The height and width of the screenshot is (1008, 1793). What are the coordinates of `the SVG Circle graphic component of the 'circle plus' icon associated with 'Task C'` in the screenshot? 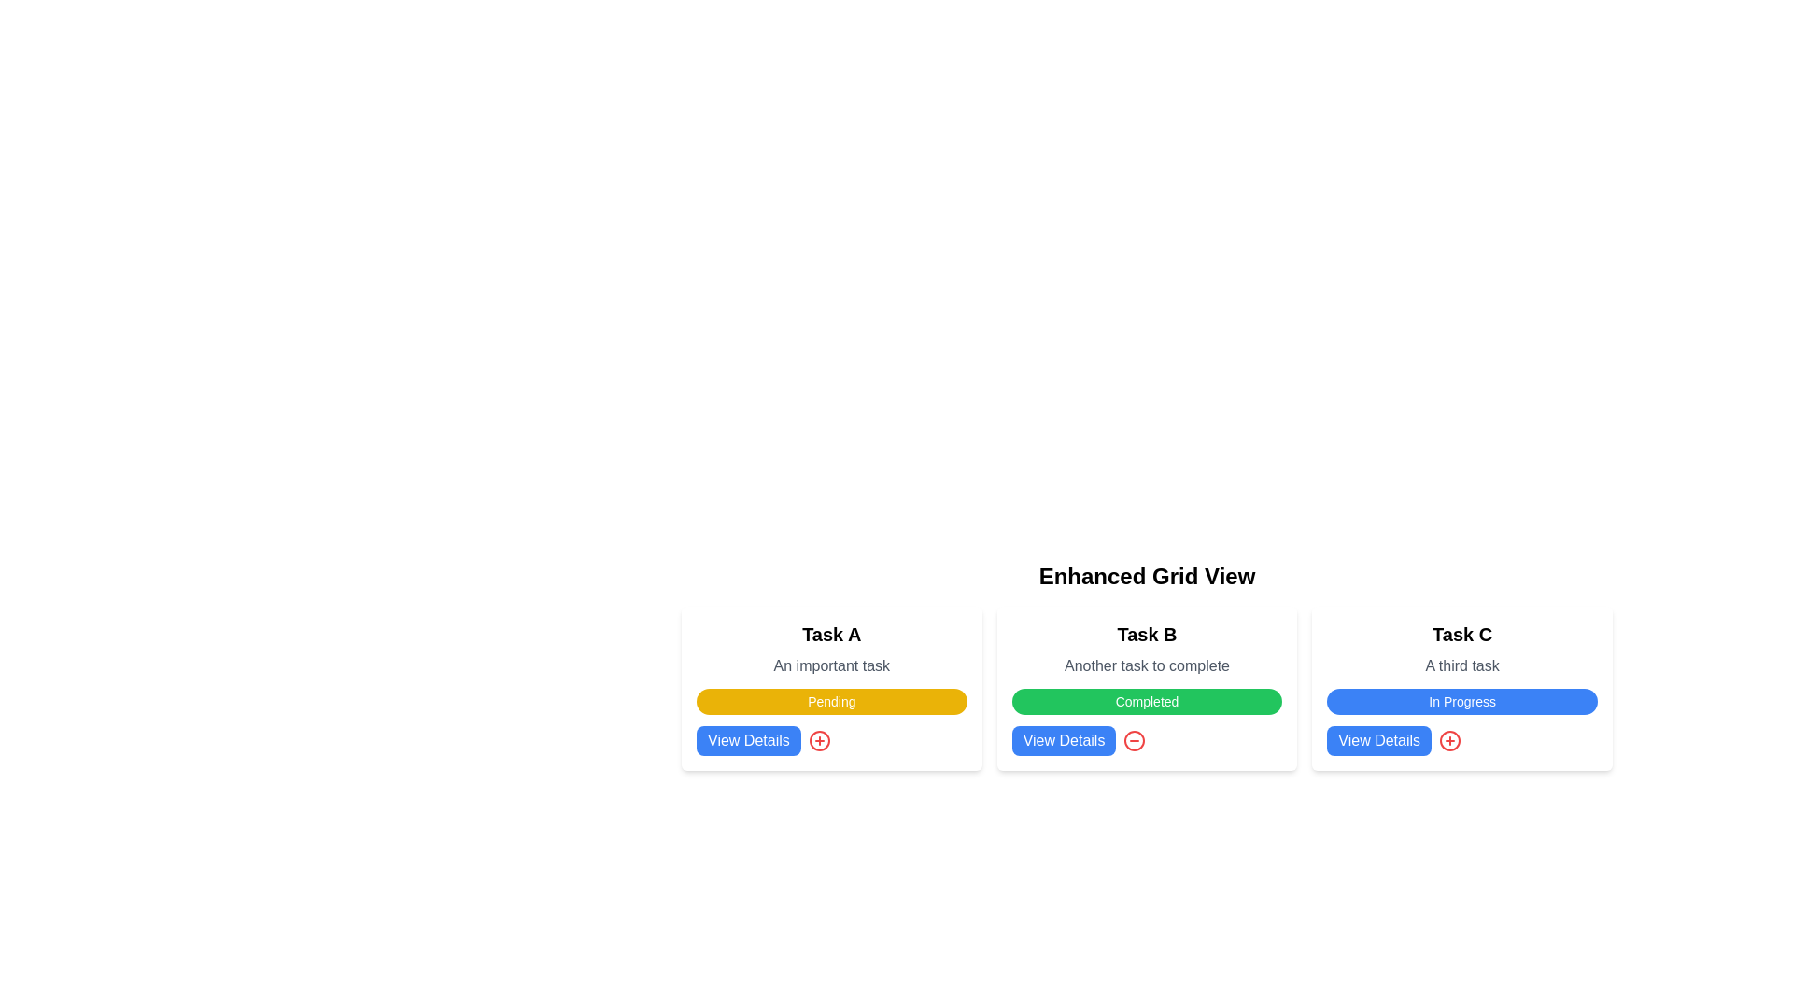 It's located at (1449, 740).